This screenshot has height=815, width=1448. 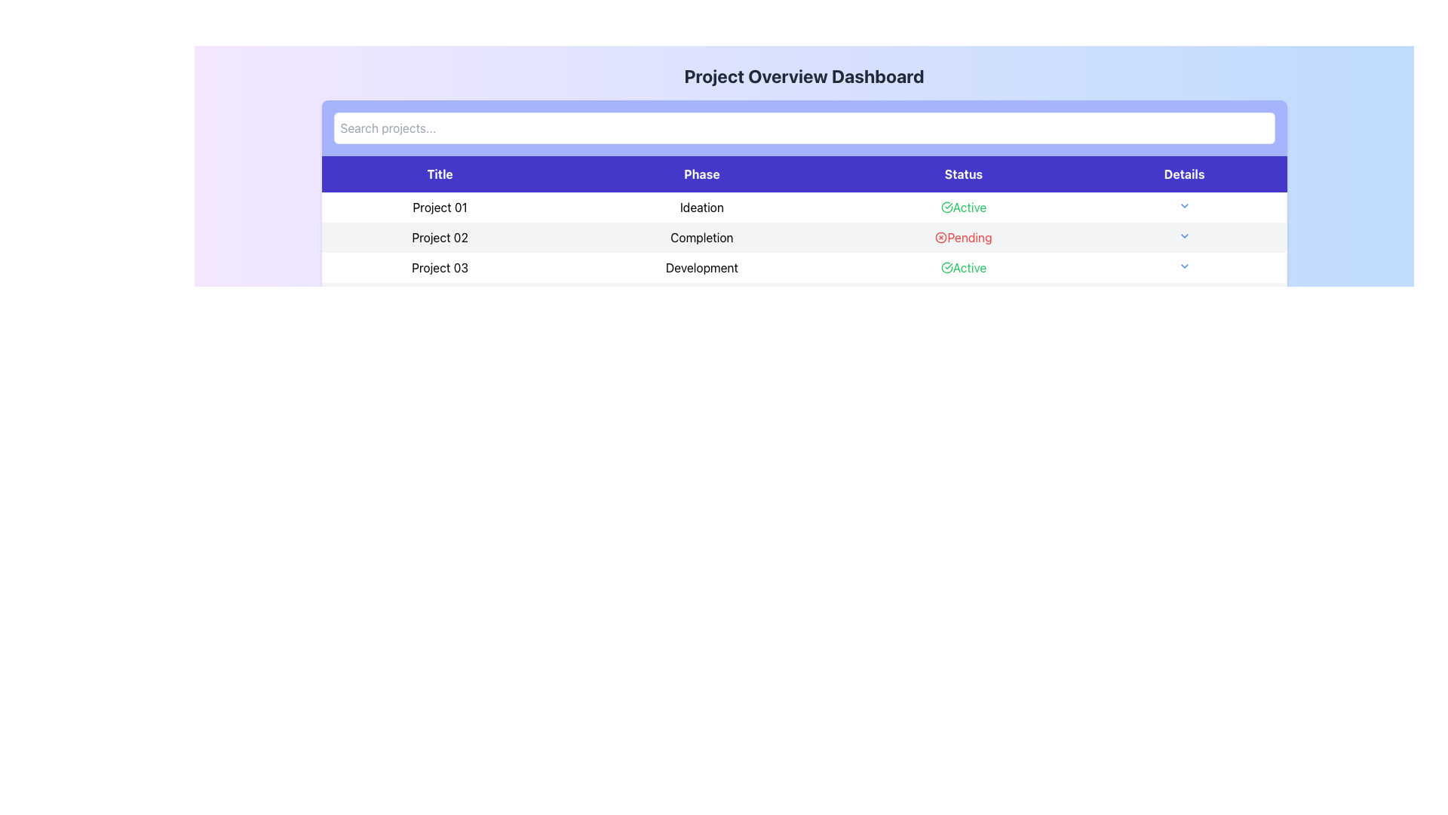 What do you see at coordinates (1183, 235) in the screenshot?
I see `the icon-based button that expands or collapses the dropdown menu for the row labeled 'Project 02' in the 'Details' column` at bounding box center [1183, 235].